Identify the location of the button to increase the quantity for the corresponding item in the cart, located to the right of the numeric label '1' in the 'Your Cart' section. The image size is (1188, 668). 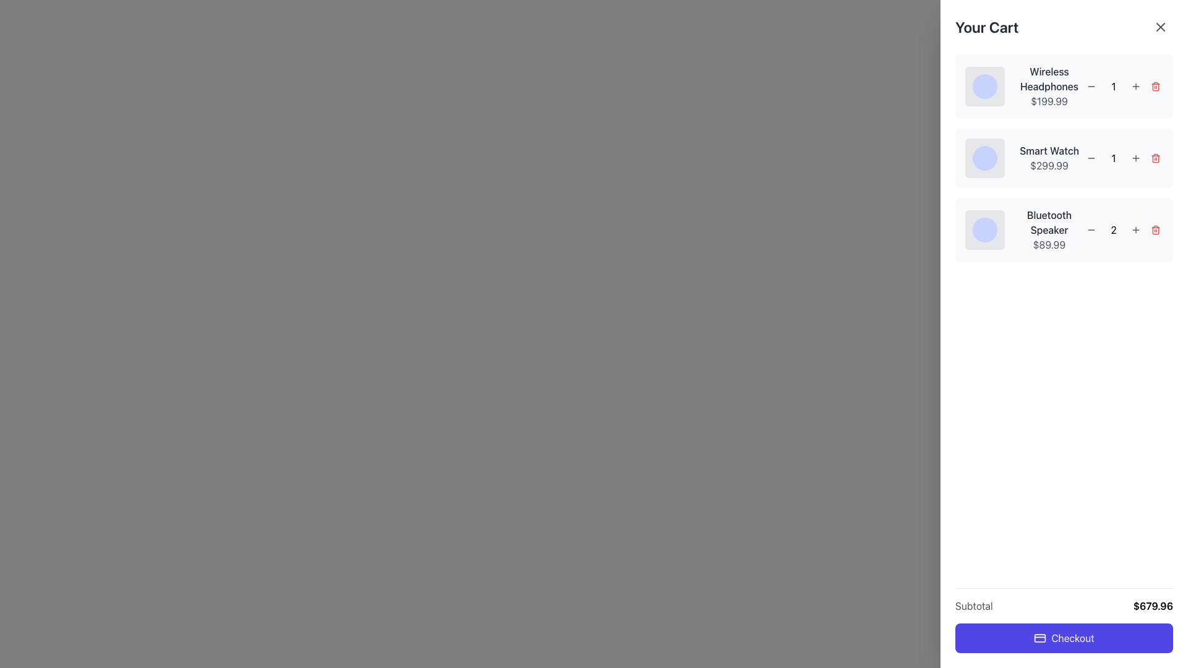
(1136, 157).